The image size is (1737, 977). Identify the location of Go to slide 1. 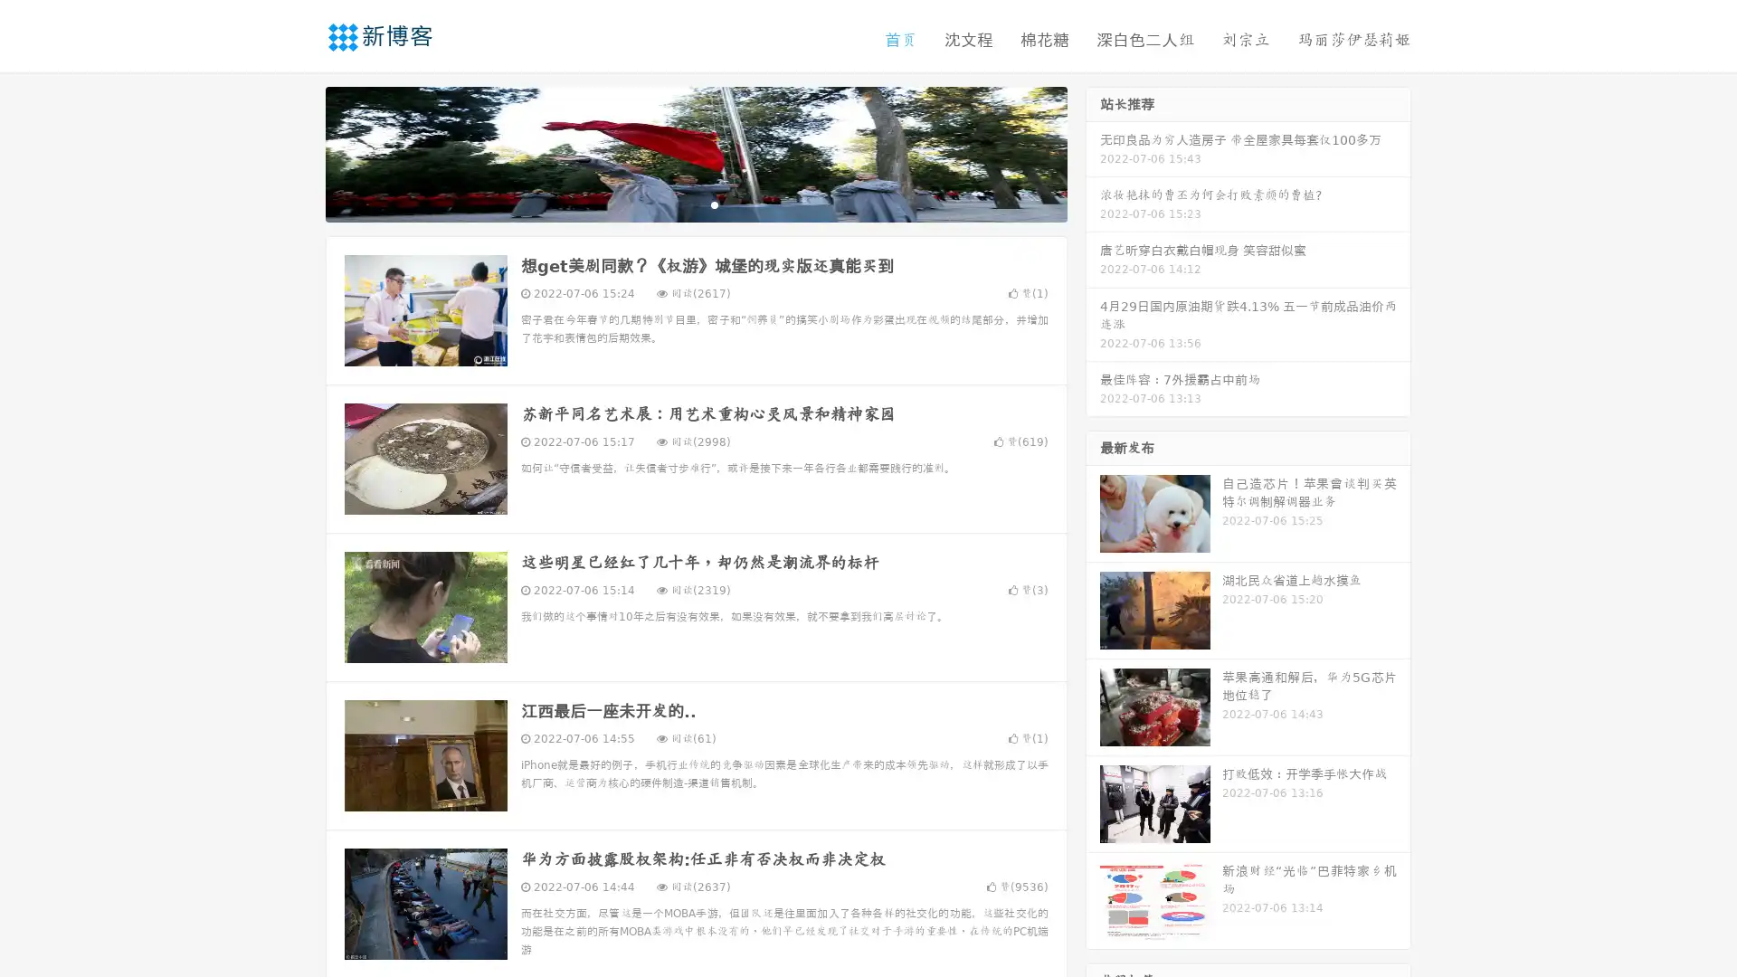
(677, 204).